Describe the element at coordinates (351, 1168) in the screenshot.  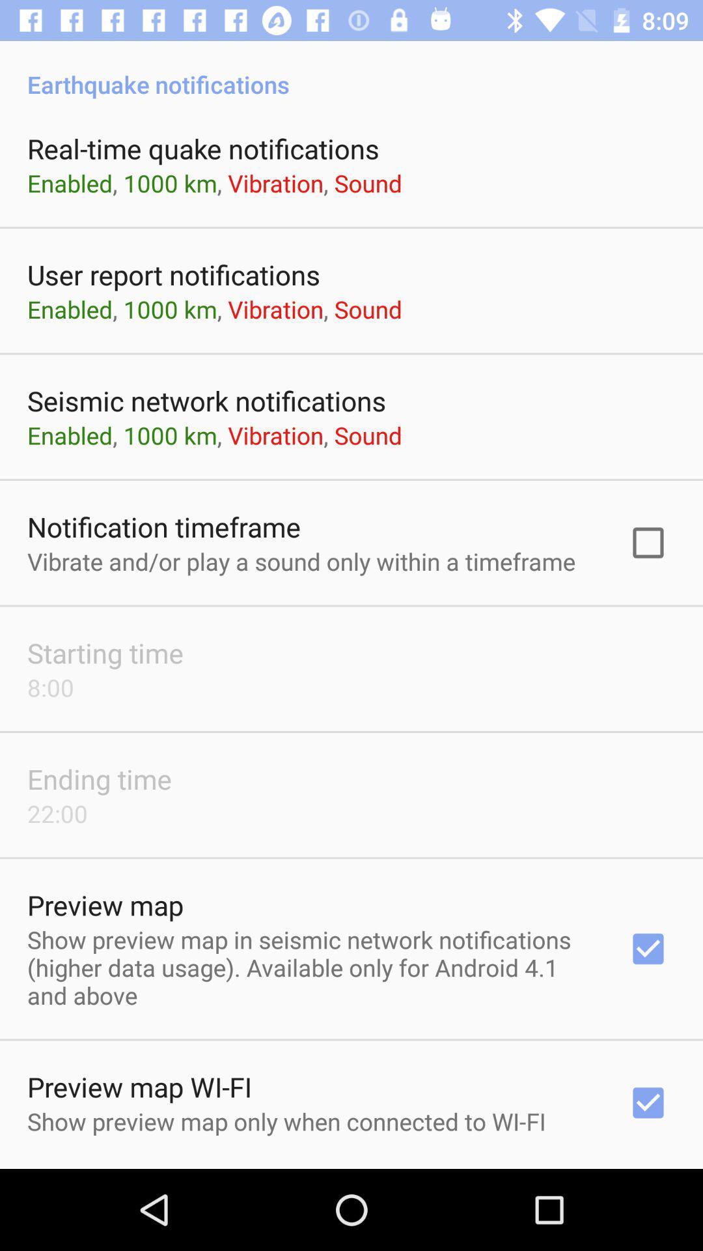
I see `chat notifications app` at that location.